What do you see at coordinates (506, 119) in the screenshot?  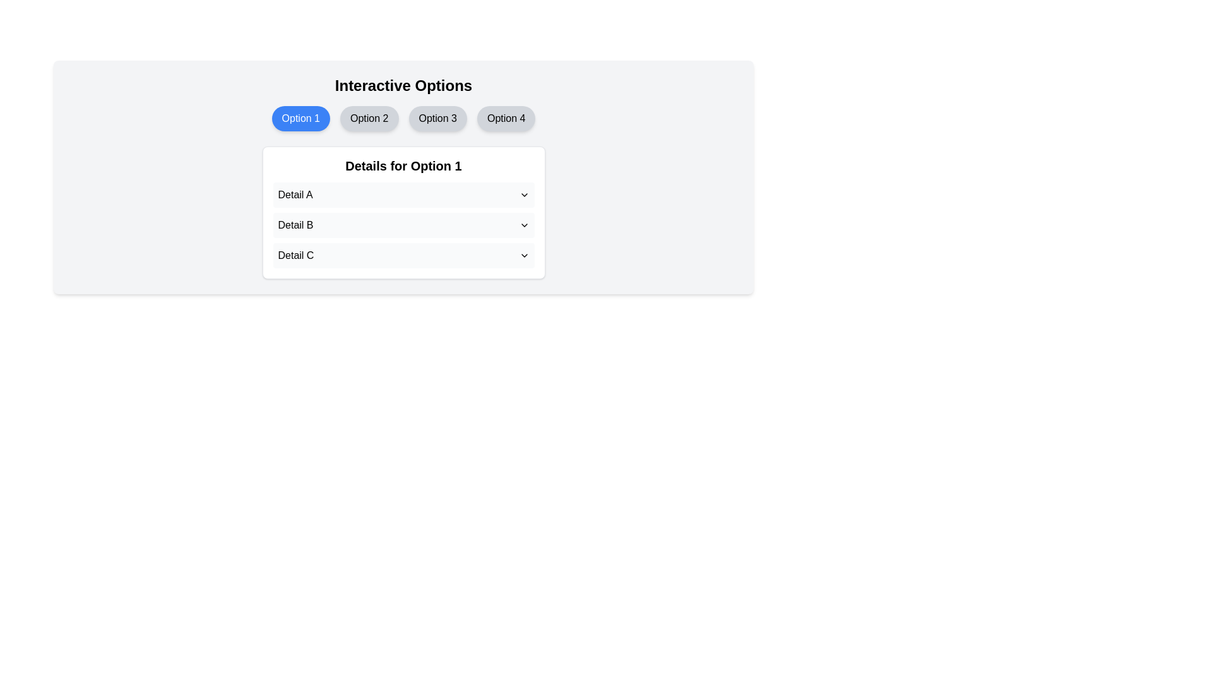 I see `the interactive button labeled 'Option 4'` at bounding box center [506, 119].